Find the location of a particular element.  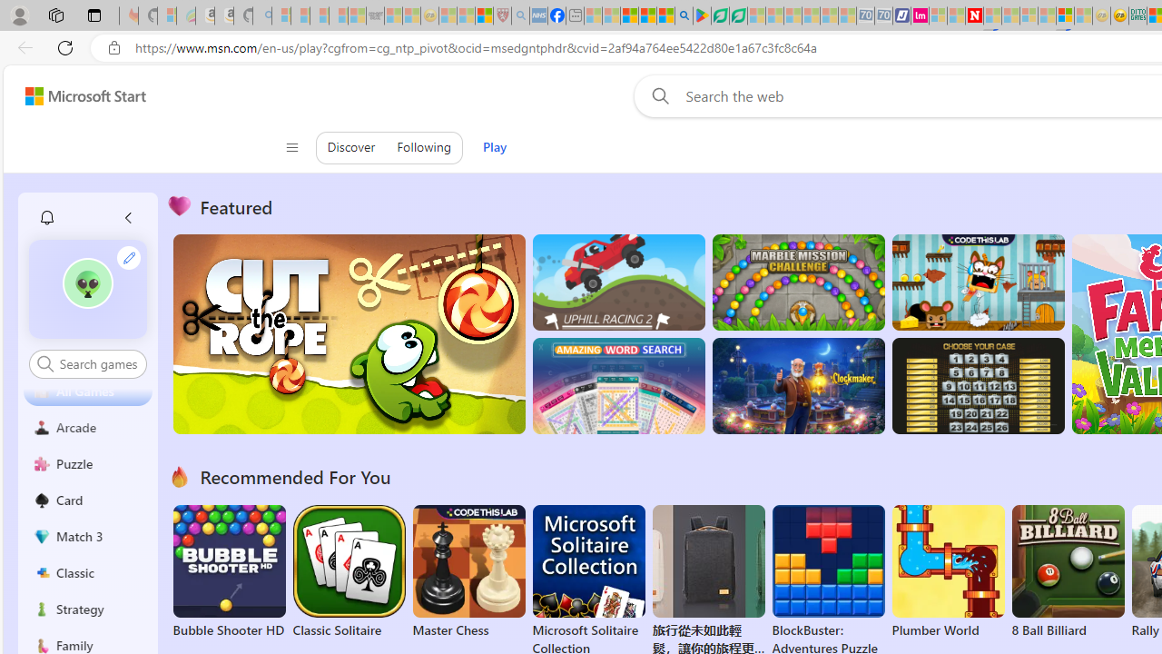

'Bubble Shooter HD' is located at coordinates (228, 572).